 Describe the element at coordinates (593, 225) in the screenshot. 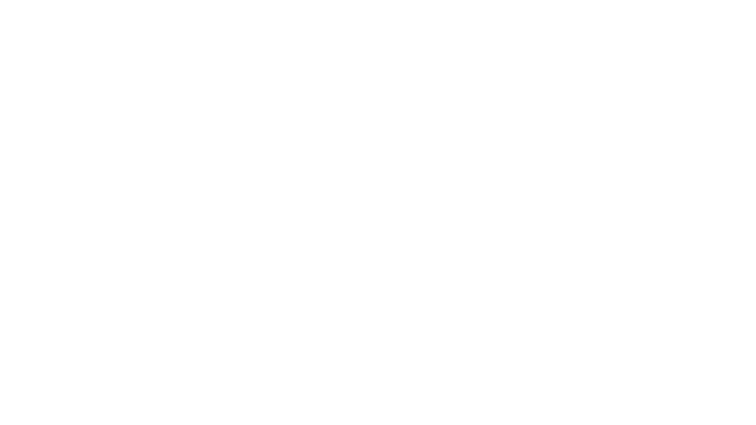

I see `Precedent` at that location.